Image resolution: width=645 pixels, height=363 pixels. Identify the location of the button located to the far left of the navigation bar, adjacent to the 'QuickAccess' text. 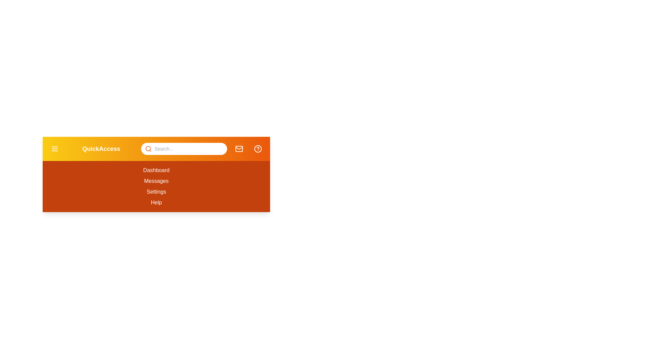
(55, 149).